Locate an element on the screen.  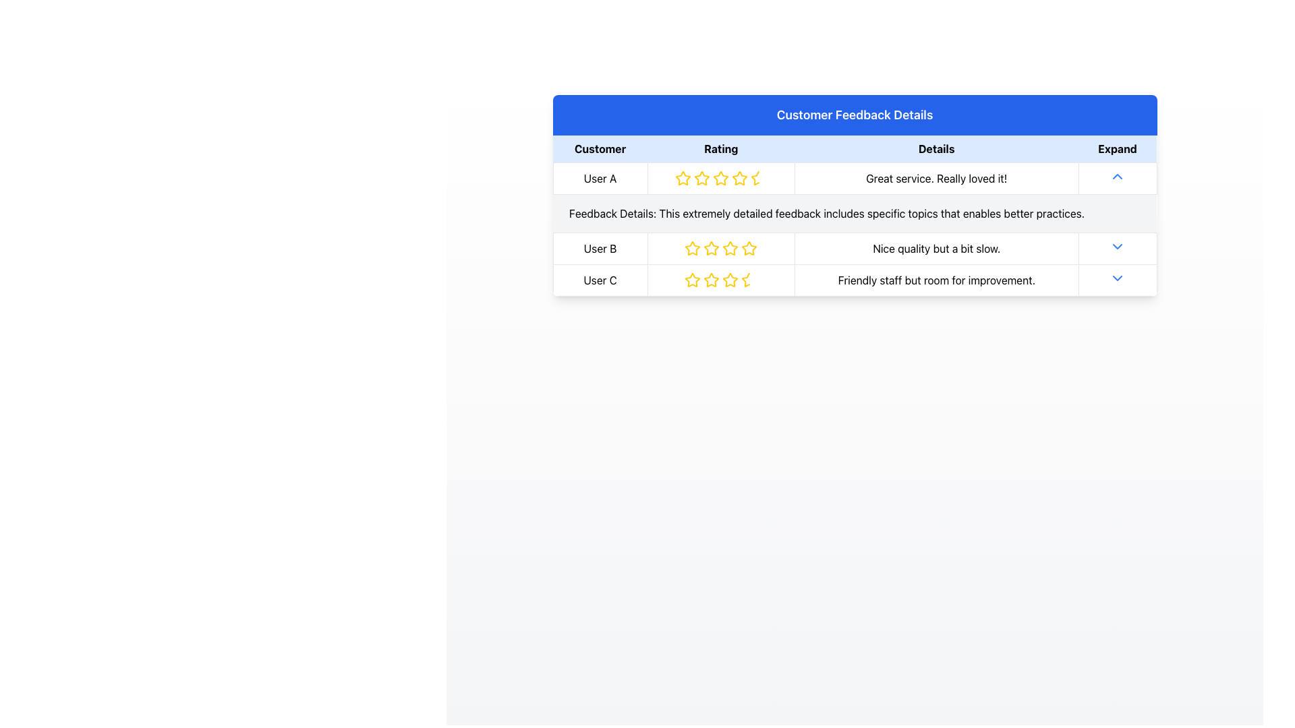
the 'Customer Feedback Details' text header, which is prominently displayed in white bold text on a blue background at the top of the feedback section is located at coordinates (854, 114).